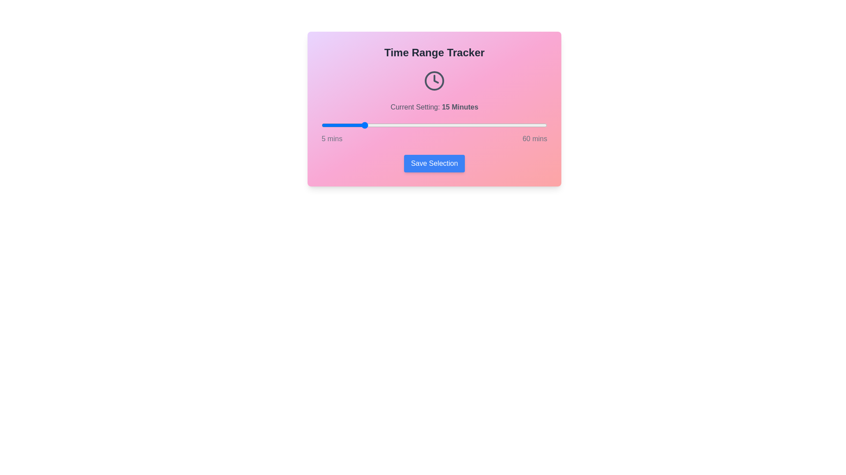 The height and width of the screenshot is (475, 846). I want to click on the time range slider to 38 minutes, so click(457, 125).